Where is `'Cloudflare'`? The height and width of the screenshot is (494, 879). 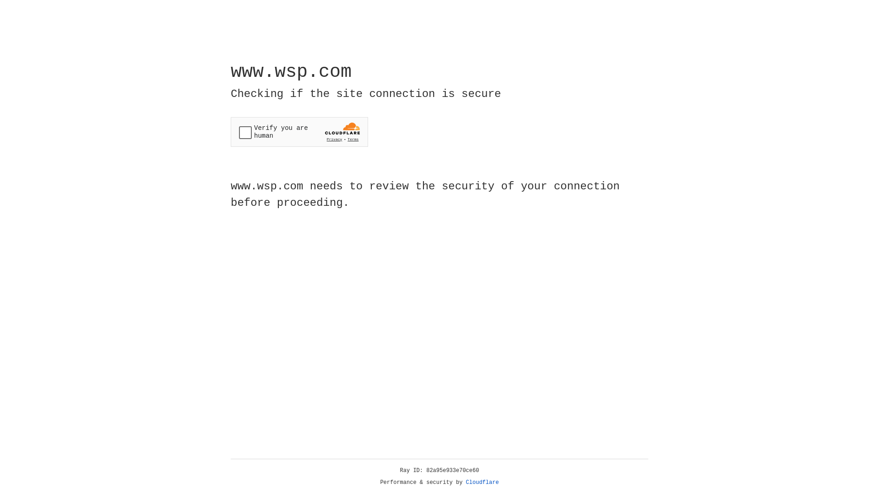 'Cloudflare' is located at coordinates (482, 482).